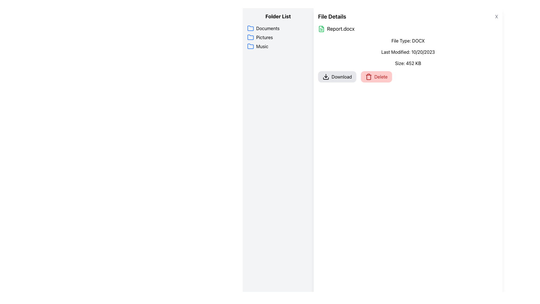  I want to click on the 'Delete' button containing the wastebasket icon, so click(369, 77).